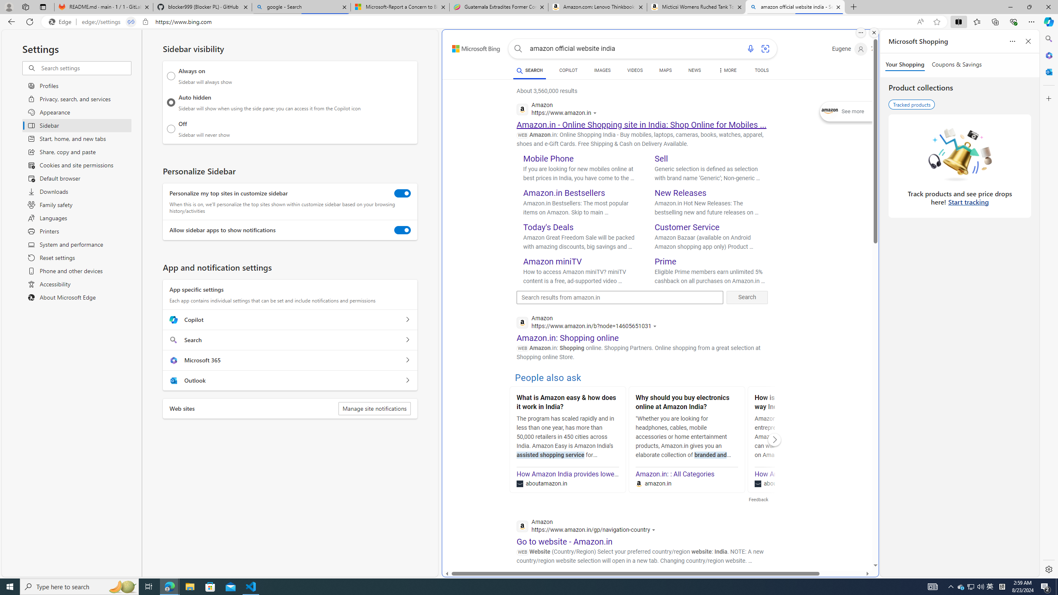 Image resolution: width=1058 pixels, height=595 pixels. What do you see at coordinates (61, 22) in the screenshot?
I see `'Edge'` at bounding box center [61, 22].